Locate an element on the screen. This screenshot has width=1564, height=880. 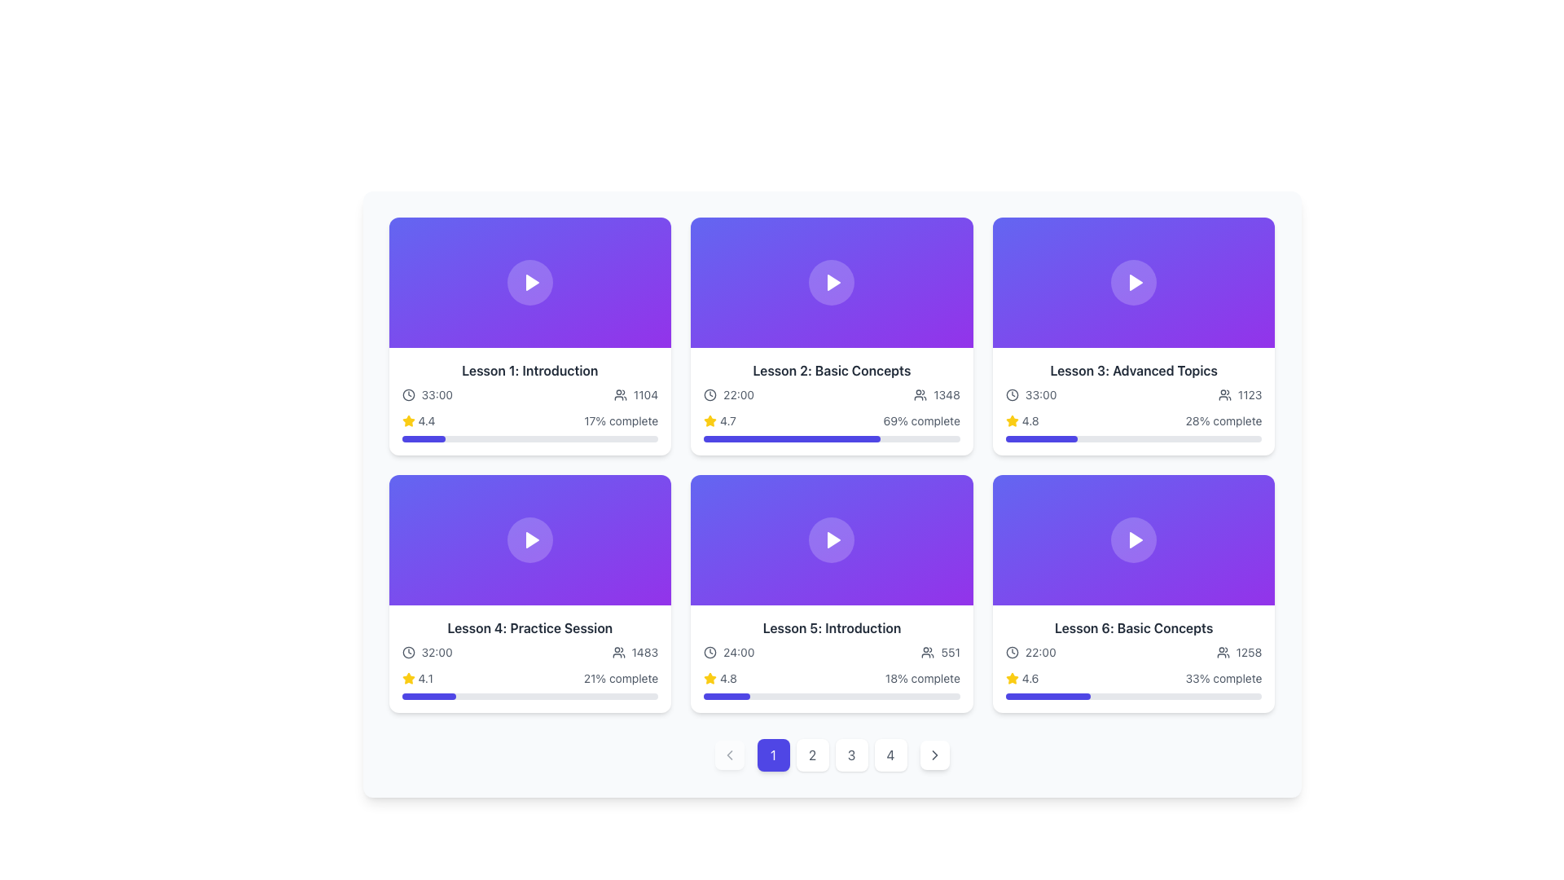
the horizontal progress bar with a purple filled segment located in the bottom section of the third card in the top row of a grid-based layout is located at coordinates (1040, 438).